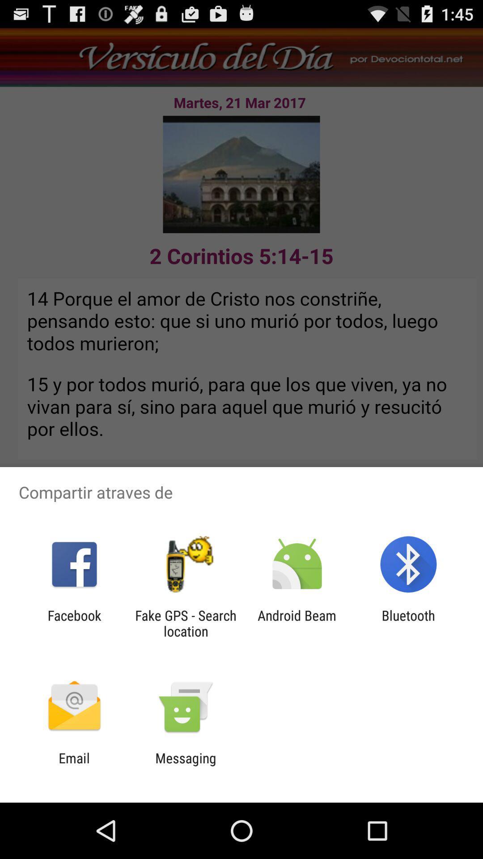 The height and width of the screenshot is (859, 483). I want to click on the messaging, so click(185, 765).